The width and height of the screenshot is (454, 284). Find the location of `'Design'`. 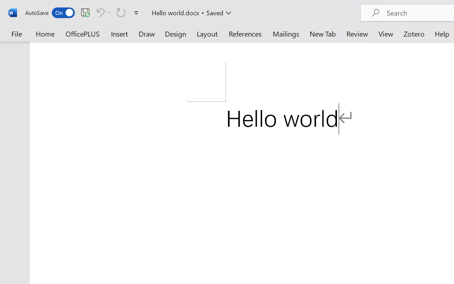

'Design' is located at coordinates (176, 33).